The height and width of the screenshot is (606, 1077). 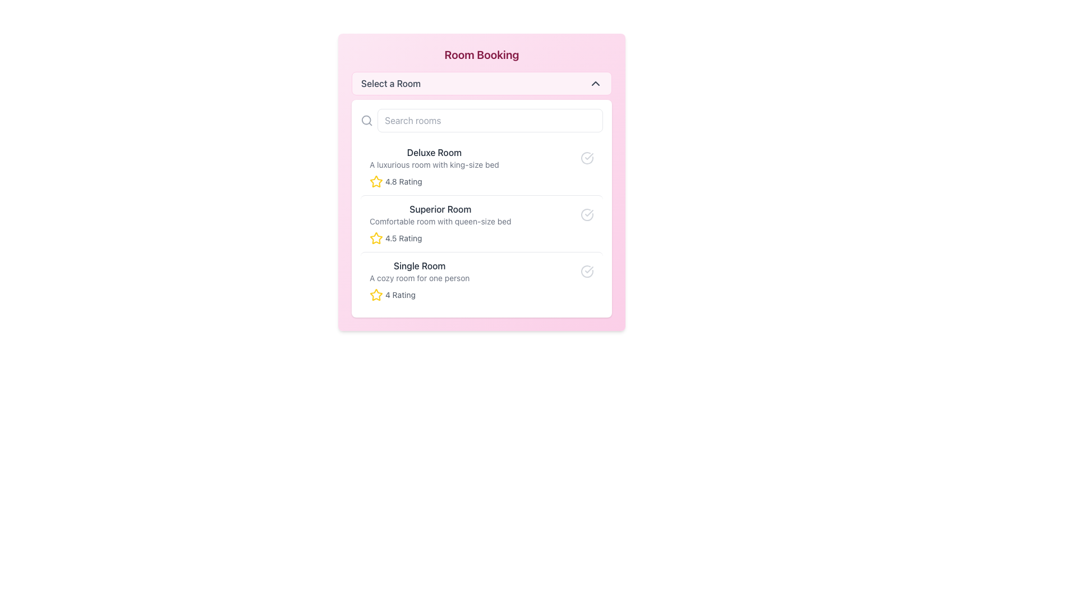 What do you see at coordinates (490, 121) in the screenshot?
I see `to select text within the single-line text input field labeled 'Search rooms', which is styled with rounded corners and located below the 'Select a Room' header` at bounding box center [490, 121].